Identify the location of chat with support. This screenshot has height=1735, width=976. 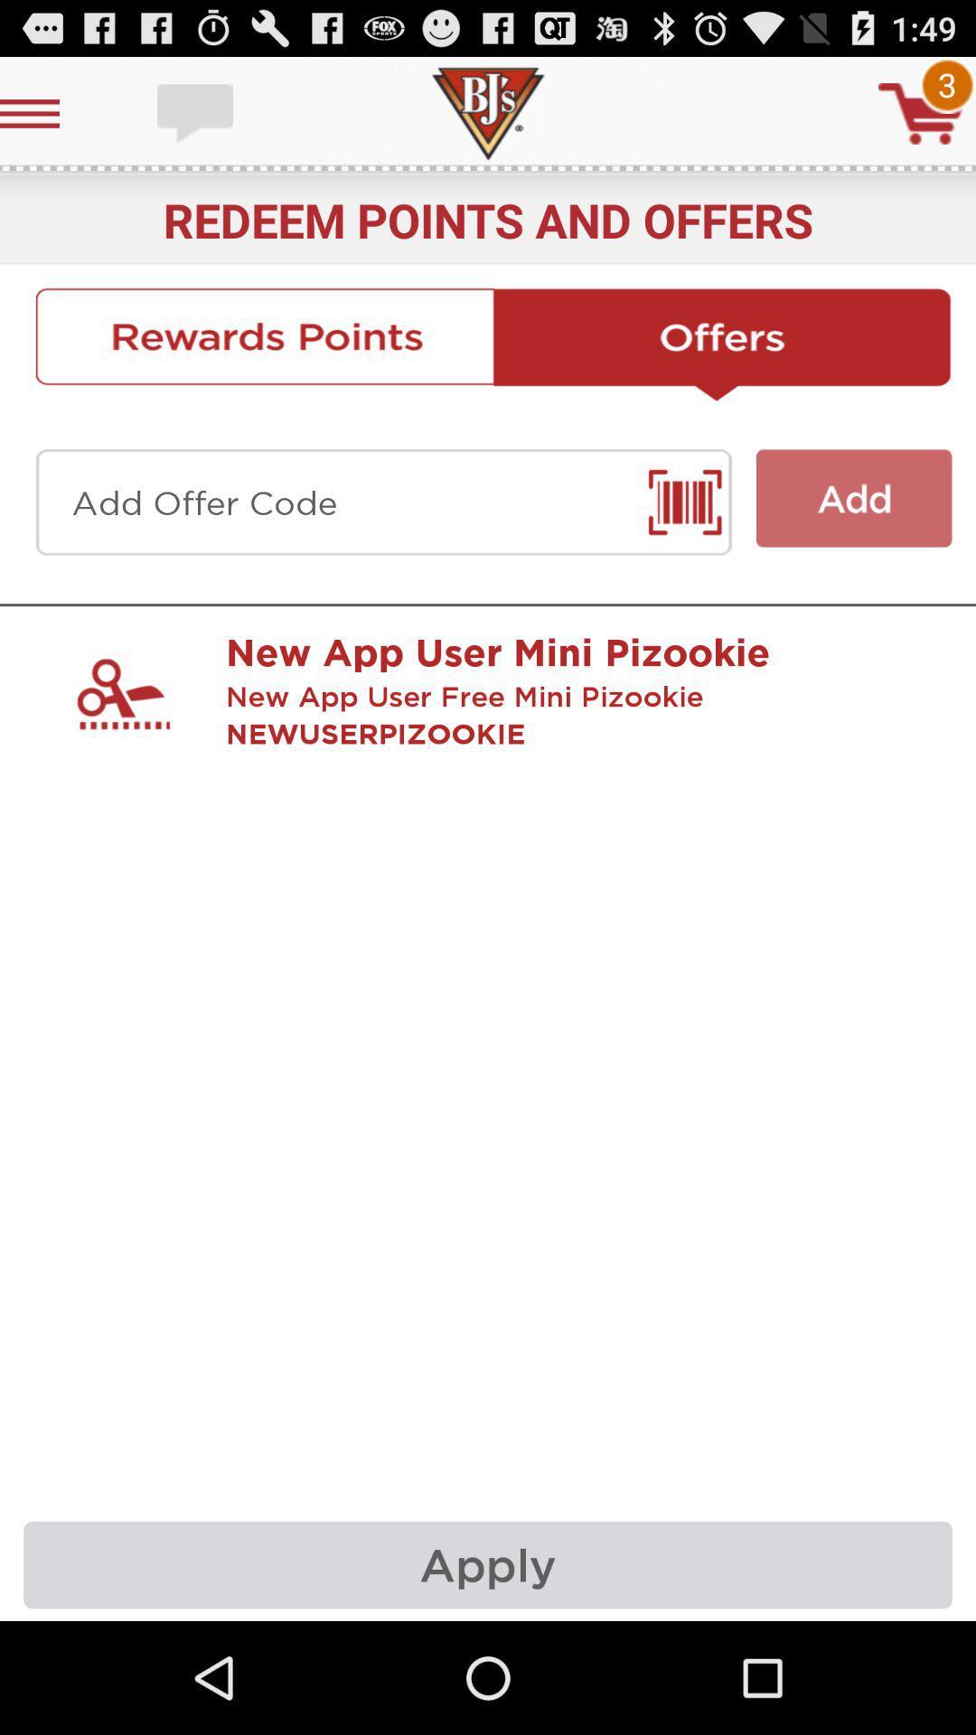
(197, 112).